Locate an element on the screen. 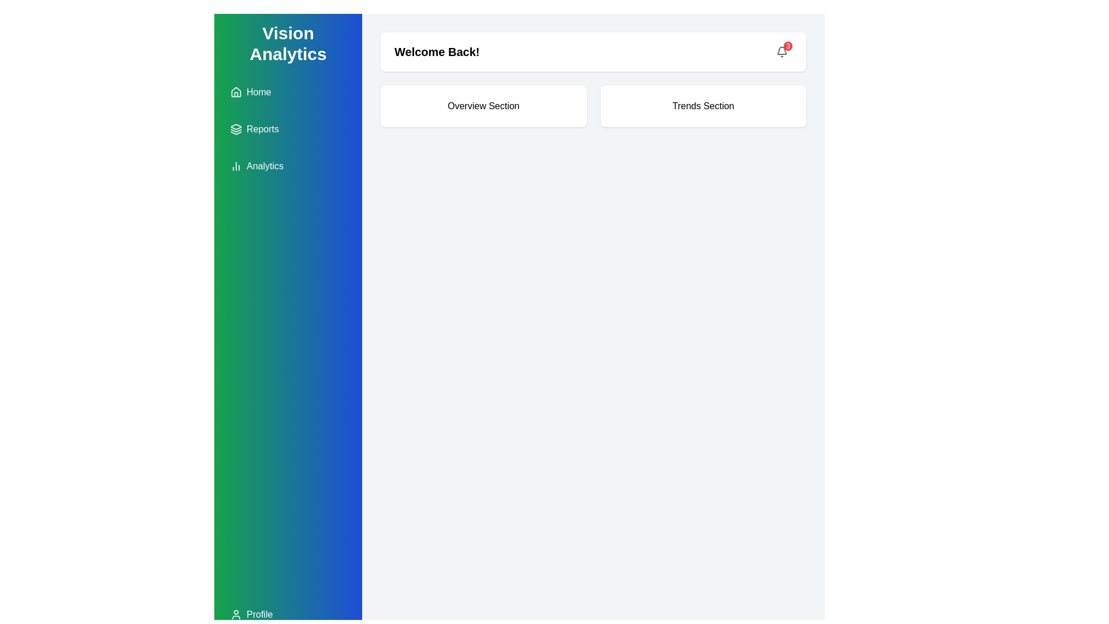  the navigation button located in the sidebar that redirects to the home page, which is the first item above the 'Reports' and 'Analytics' buttons is located at coordinates (288, 91).